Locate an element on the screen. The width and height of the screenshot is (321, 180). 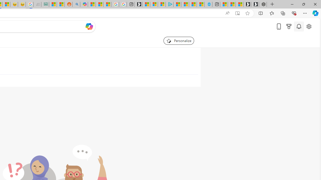
'Collections' is located at coordinates (283, 13).